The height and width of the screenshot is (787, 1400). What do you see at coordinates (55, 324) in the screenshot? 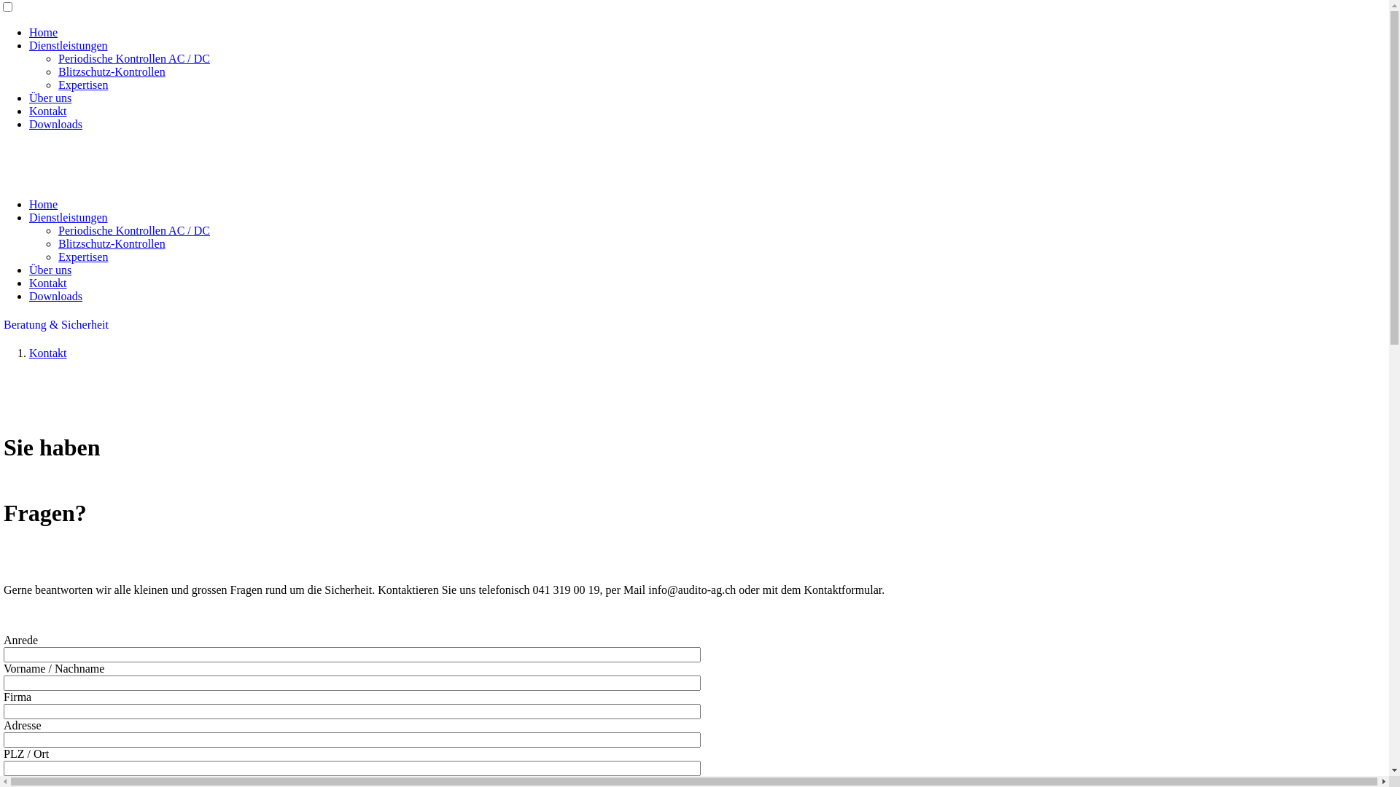
I see `'Beratung & Sicherheit'` at bounding box center [55, 324].